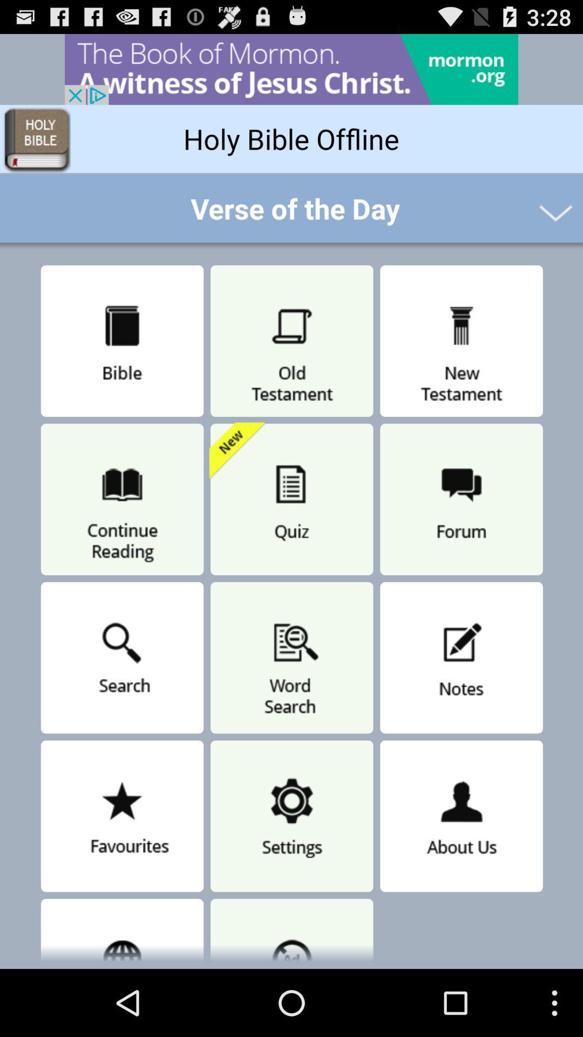 The width and height of the screenshot is (583, 1037). What do you see at coordinates (291, 69) in the screenshot?
I see `advertisement` at bounding box center [291, 69].